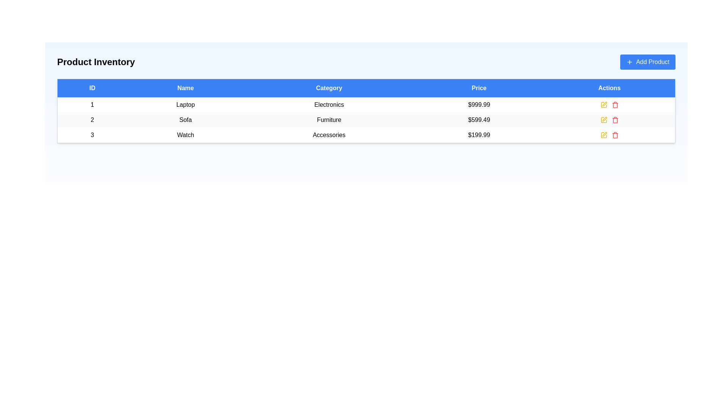  What do you see at coordinates (479, 135) in the screenshot?
I see `the price label displaying '$199.99' in bold, black text, located in the fourth column of the third row of the product inventory table` at bounding box center [479, 135].